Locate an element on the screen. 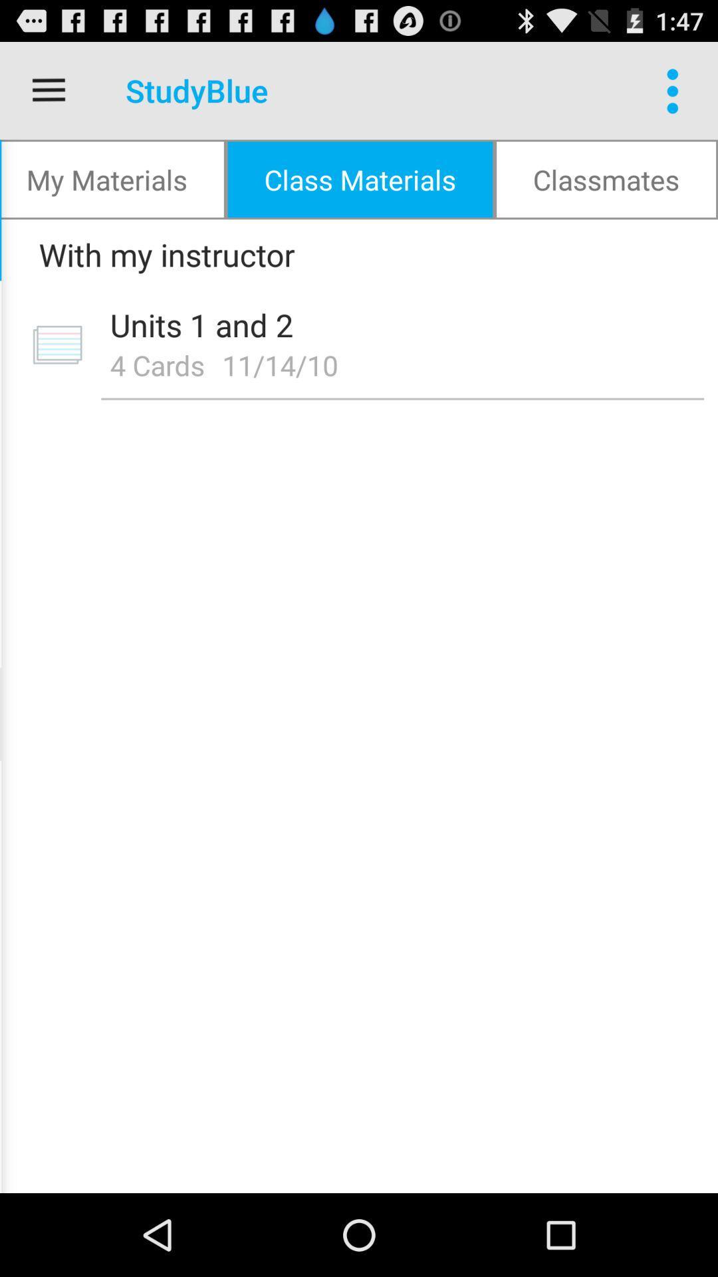 The image size is (718, 1277). item below the 4 cards is located at coordinates (402, 398).